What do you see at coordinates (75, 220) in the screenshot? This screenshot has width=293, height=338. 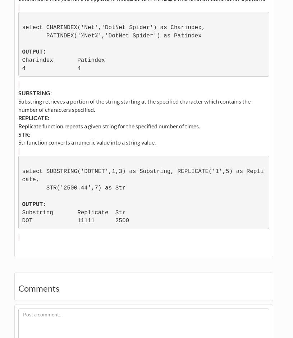 I see `'DOT		11111	   2500'` at bounding box center [75, 220].